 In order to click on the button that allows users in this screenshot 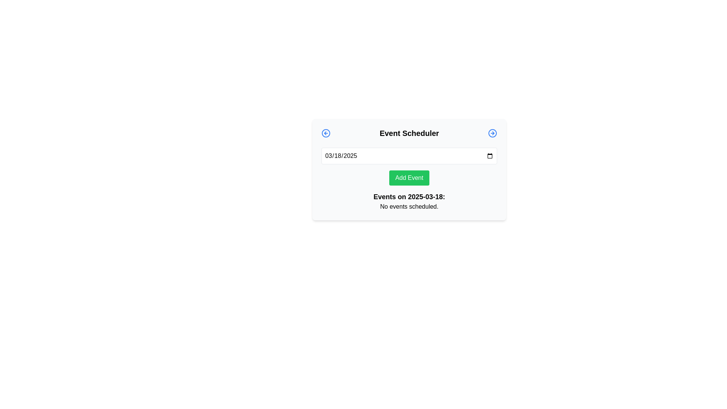, I will do `click(409, 178)`.